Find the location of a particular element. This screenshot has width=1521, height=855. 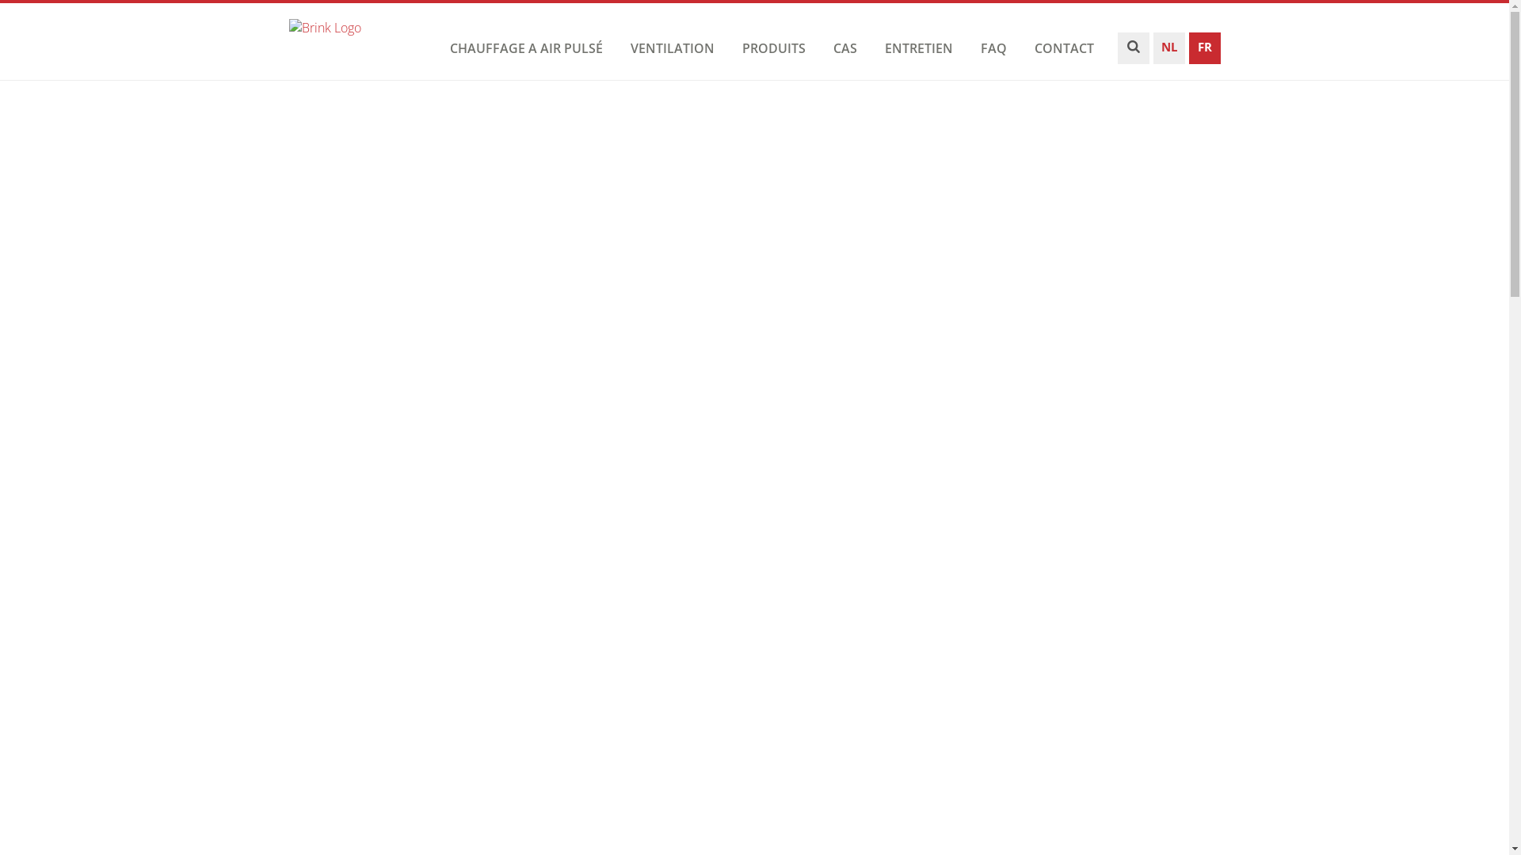

'PRODUITS' is located at coordinates (774, 47).